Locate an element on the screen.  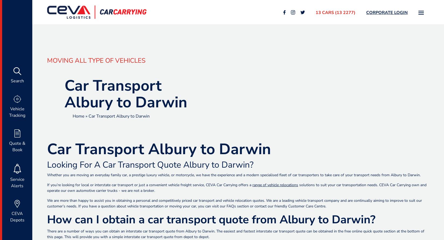
'section or contact our friendly' is located at coordinates (262, 206).